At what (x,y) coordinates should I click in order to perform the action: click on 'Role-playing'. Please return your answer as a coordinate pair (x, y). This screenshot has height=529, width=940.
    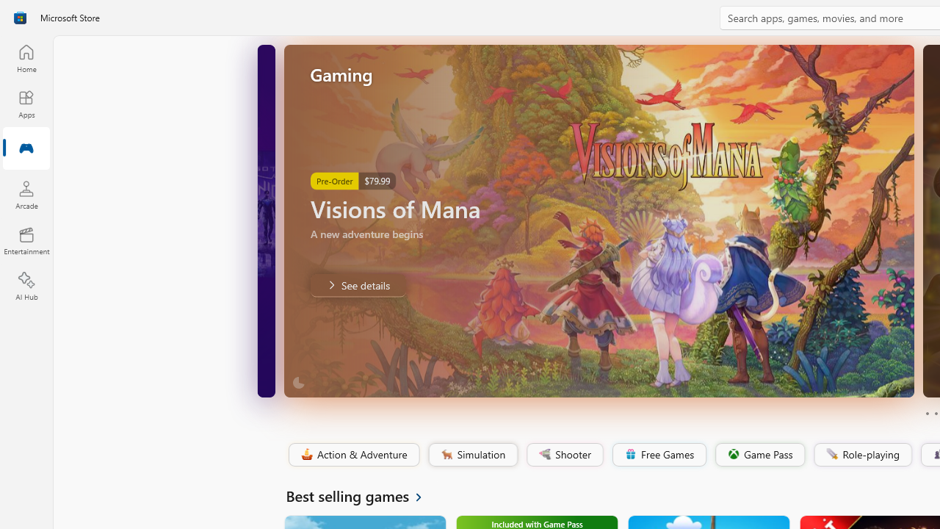
    Looking at the image, I should click on (863, 454).